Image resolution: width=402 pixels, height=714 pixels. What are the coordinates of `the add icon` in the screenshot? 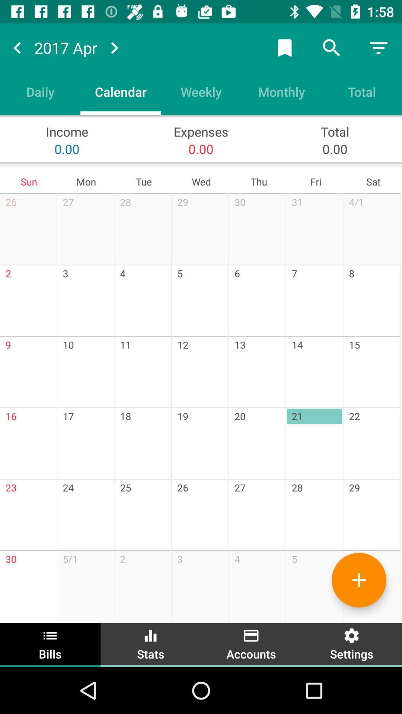 It's located at (358, 580).